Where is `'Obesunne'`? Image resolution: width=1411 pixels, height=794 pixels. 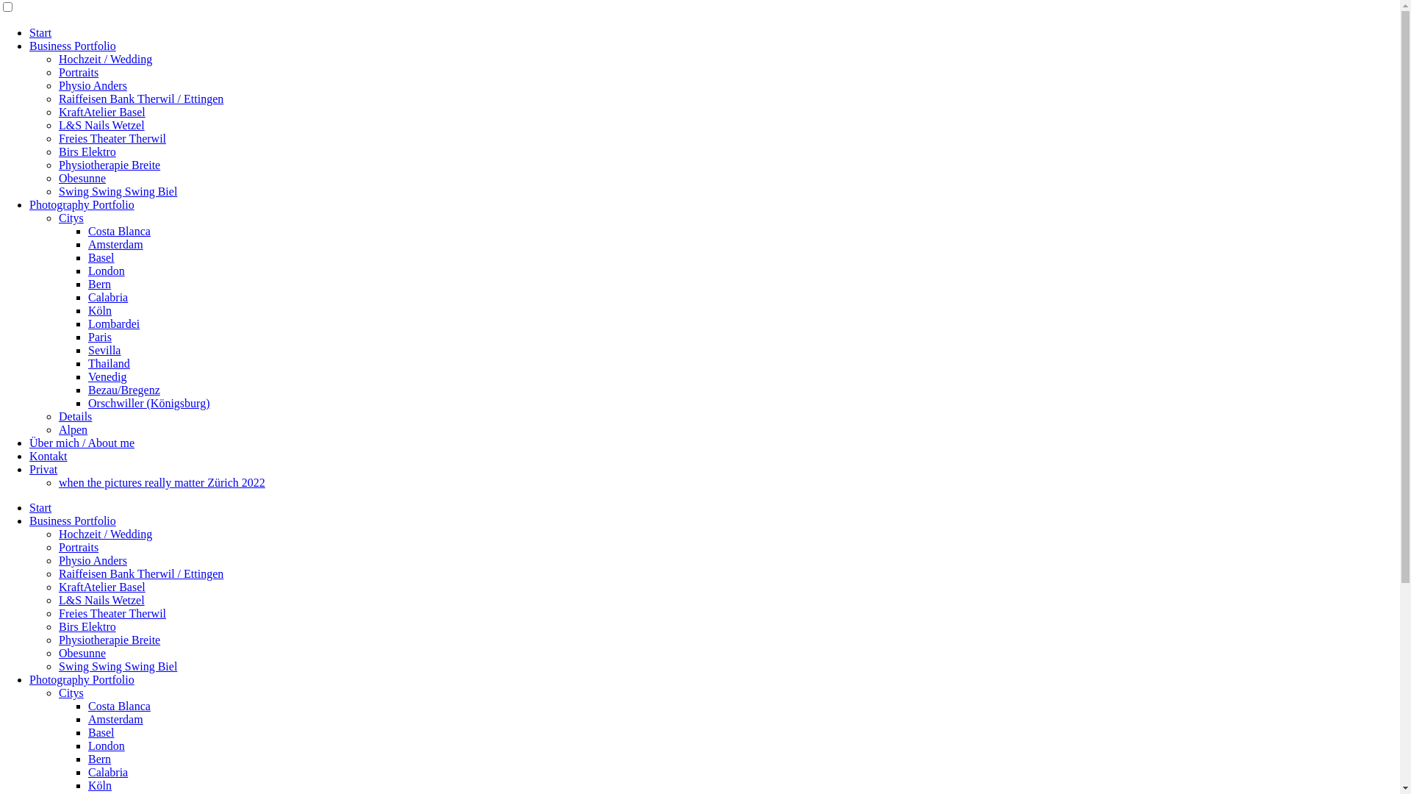 'Obesunne' is located at coordinates (81, 177).